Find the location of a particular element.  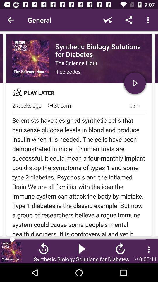

the more icon is located at coordinates (149, 249).